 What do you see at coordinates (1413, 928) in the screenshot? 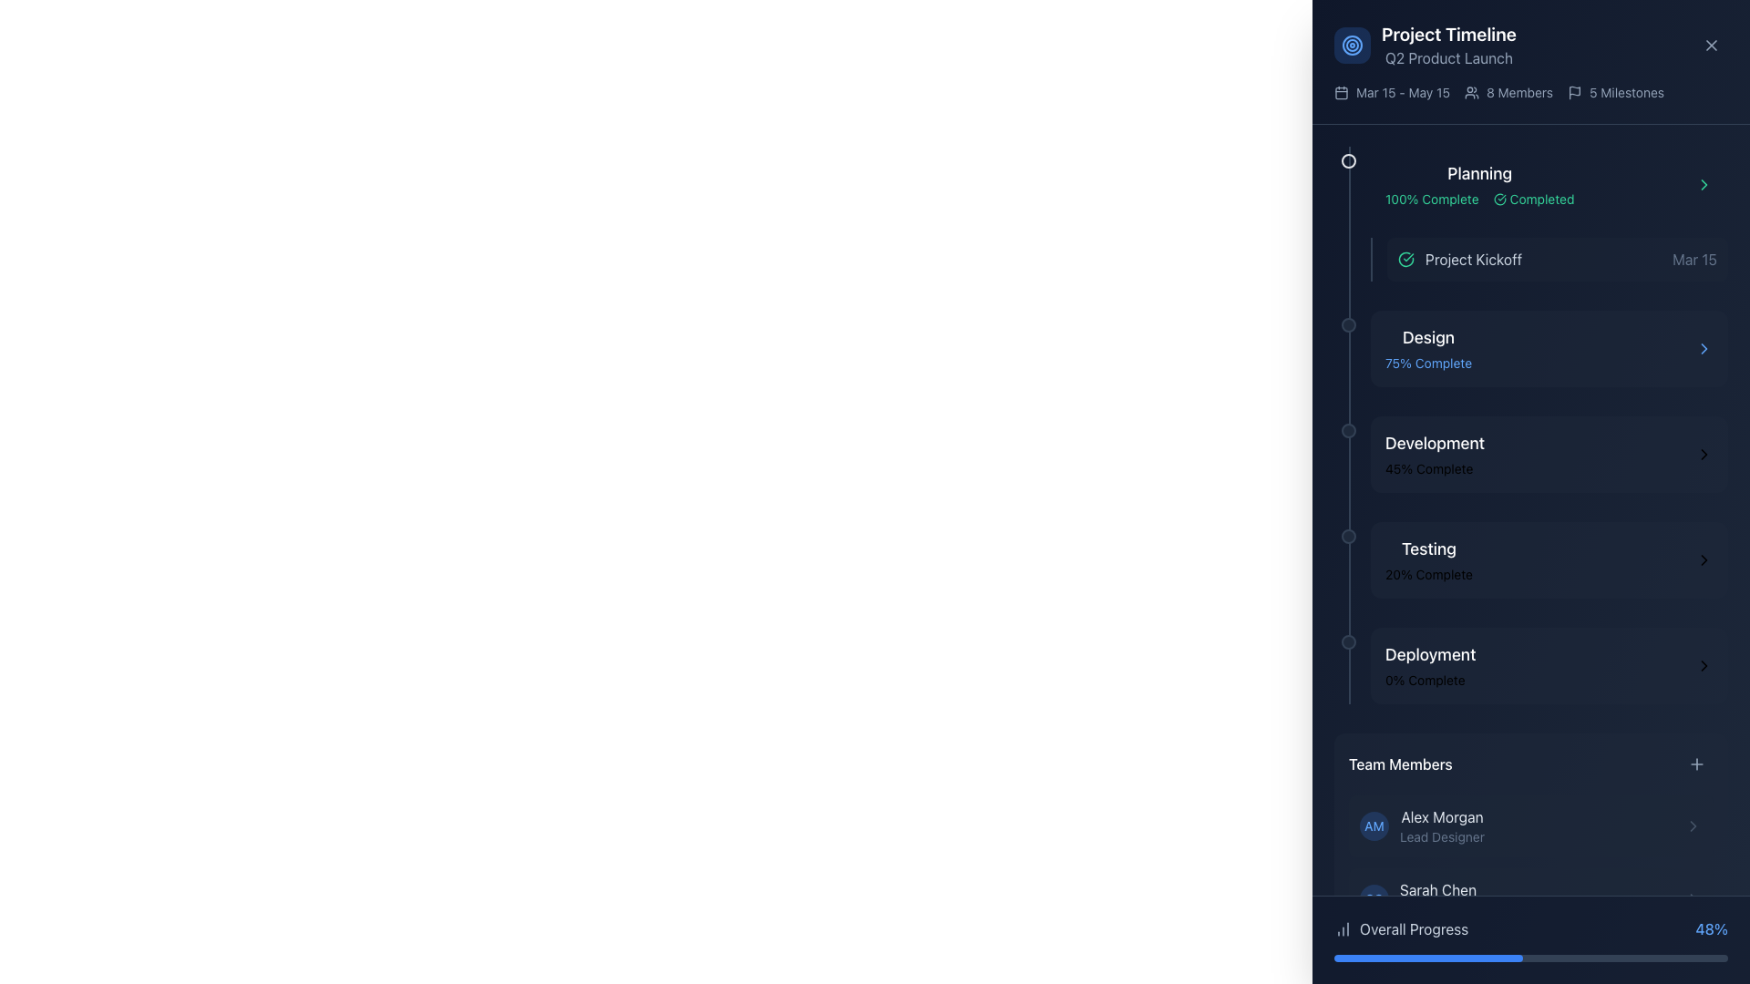
I see `the text label that indicates the overall progress of a project, which is located in the right-side column below the 'Team Members' section and adjacent to a graphical representation of progress` at bounding box center [1413, 928].